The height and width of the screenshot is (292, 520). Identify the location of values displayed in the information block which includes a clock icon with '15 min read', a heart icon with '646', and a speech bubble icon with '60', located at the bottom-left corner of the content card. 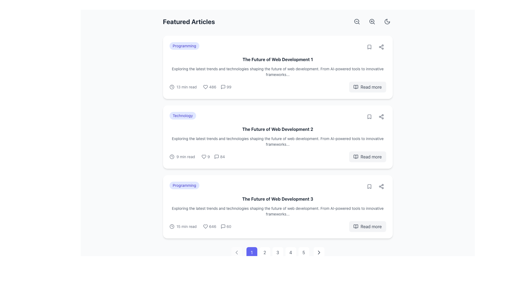
(200, 226).